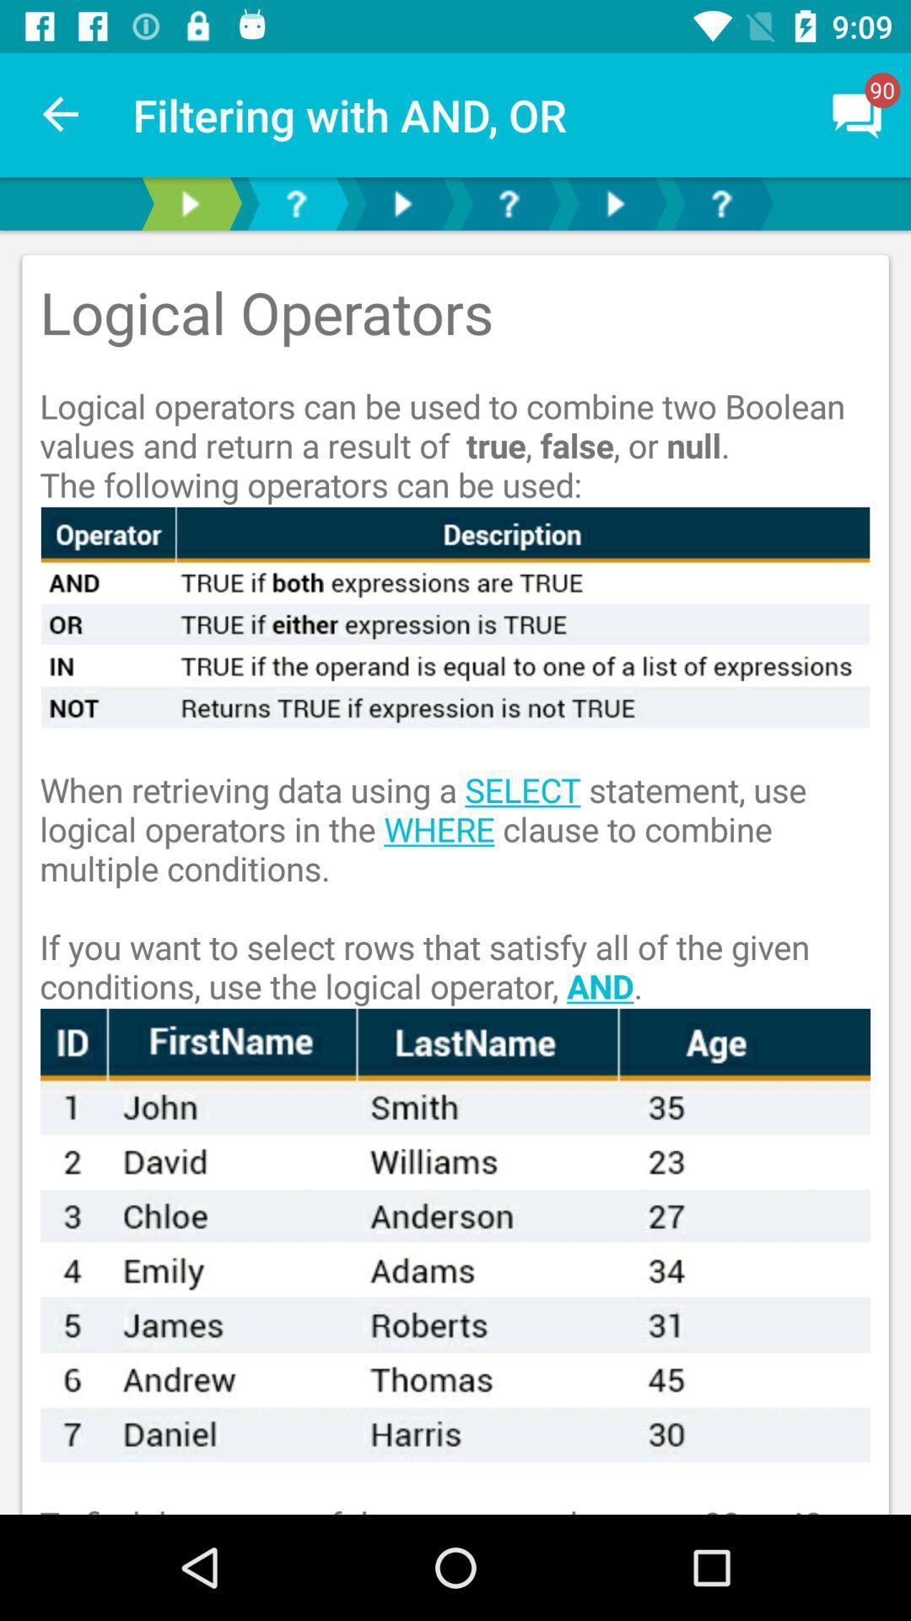 Image resolution: width=911 pixels, height=1621 pixels. Describe the element at coordinates (61, 114) in the screenshot. I see `the item next to the filtering with and` at that location.